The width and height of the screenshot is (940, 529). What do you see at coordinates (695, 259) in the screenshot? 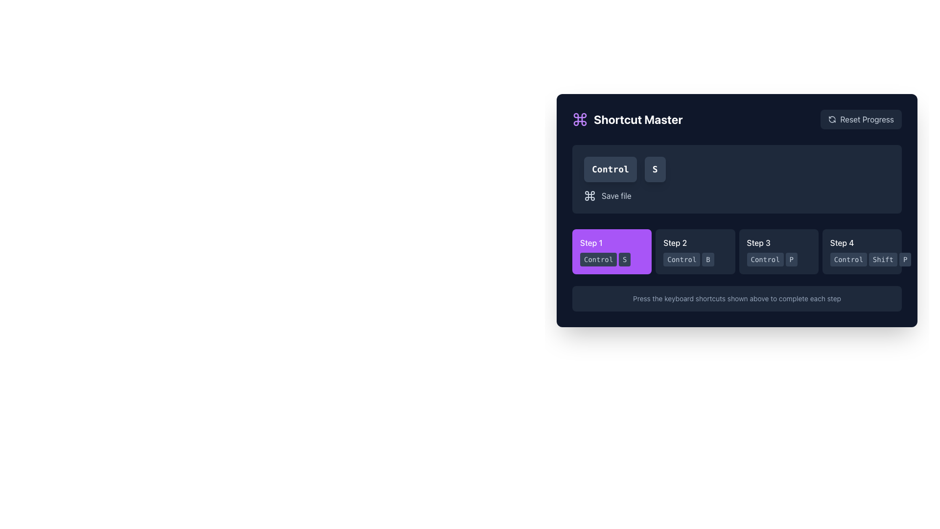
I see `the Informational Text Button Pair representing the keyboard shortcut 'Control + B' located in the 'Step 2' section of the interface` at bounding box center [695, 259].